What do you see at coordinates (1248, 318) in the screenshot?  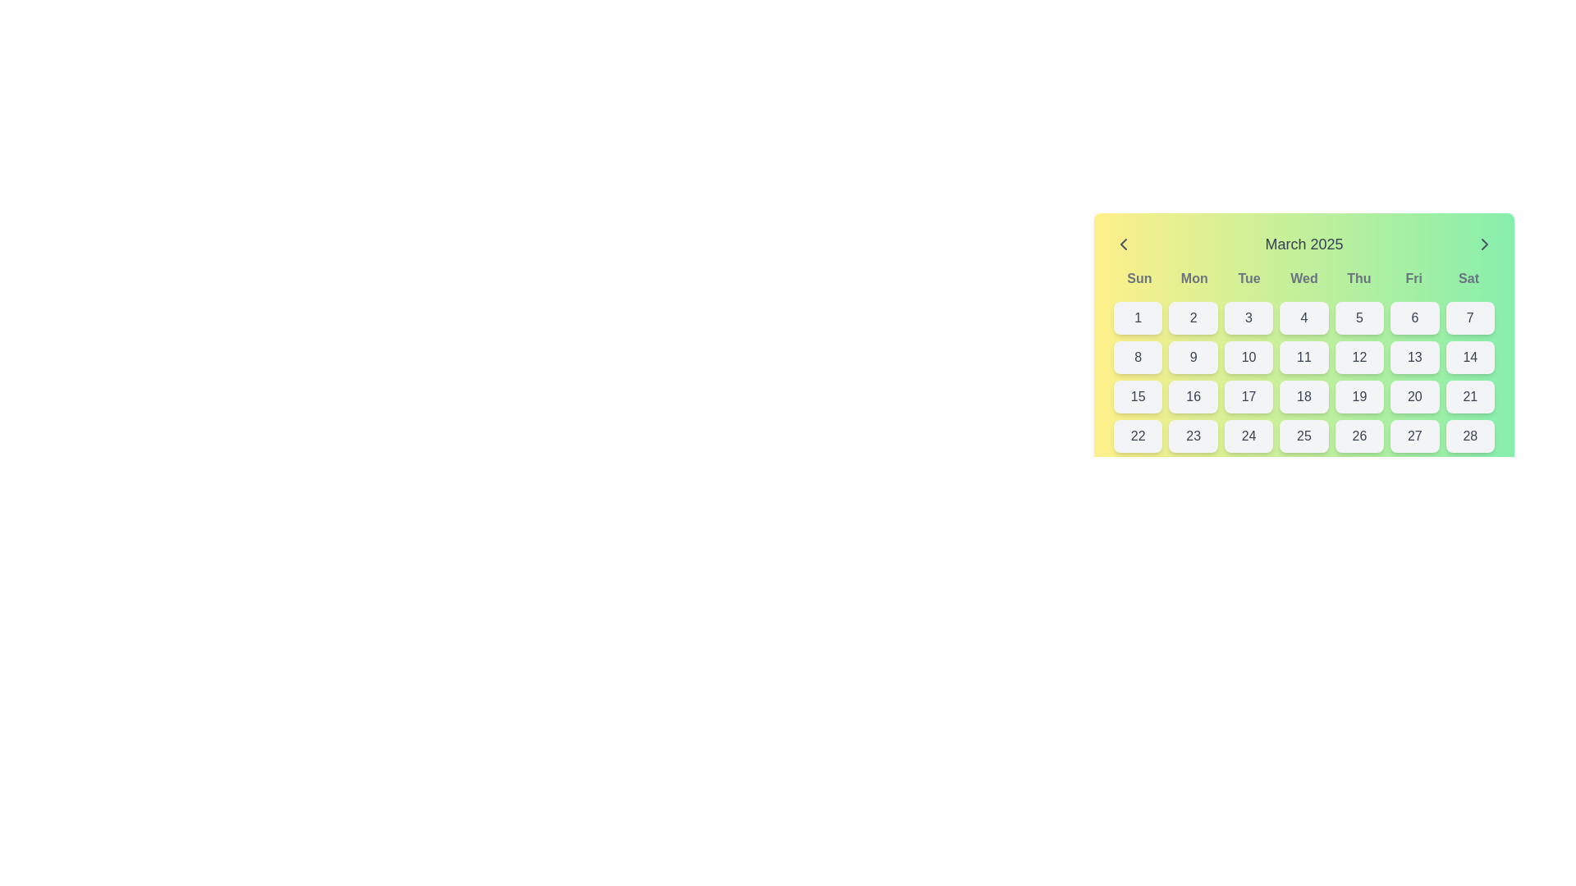 I see `the button labeled '3' in the calendar grid` at bounding box center [1248, 318].